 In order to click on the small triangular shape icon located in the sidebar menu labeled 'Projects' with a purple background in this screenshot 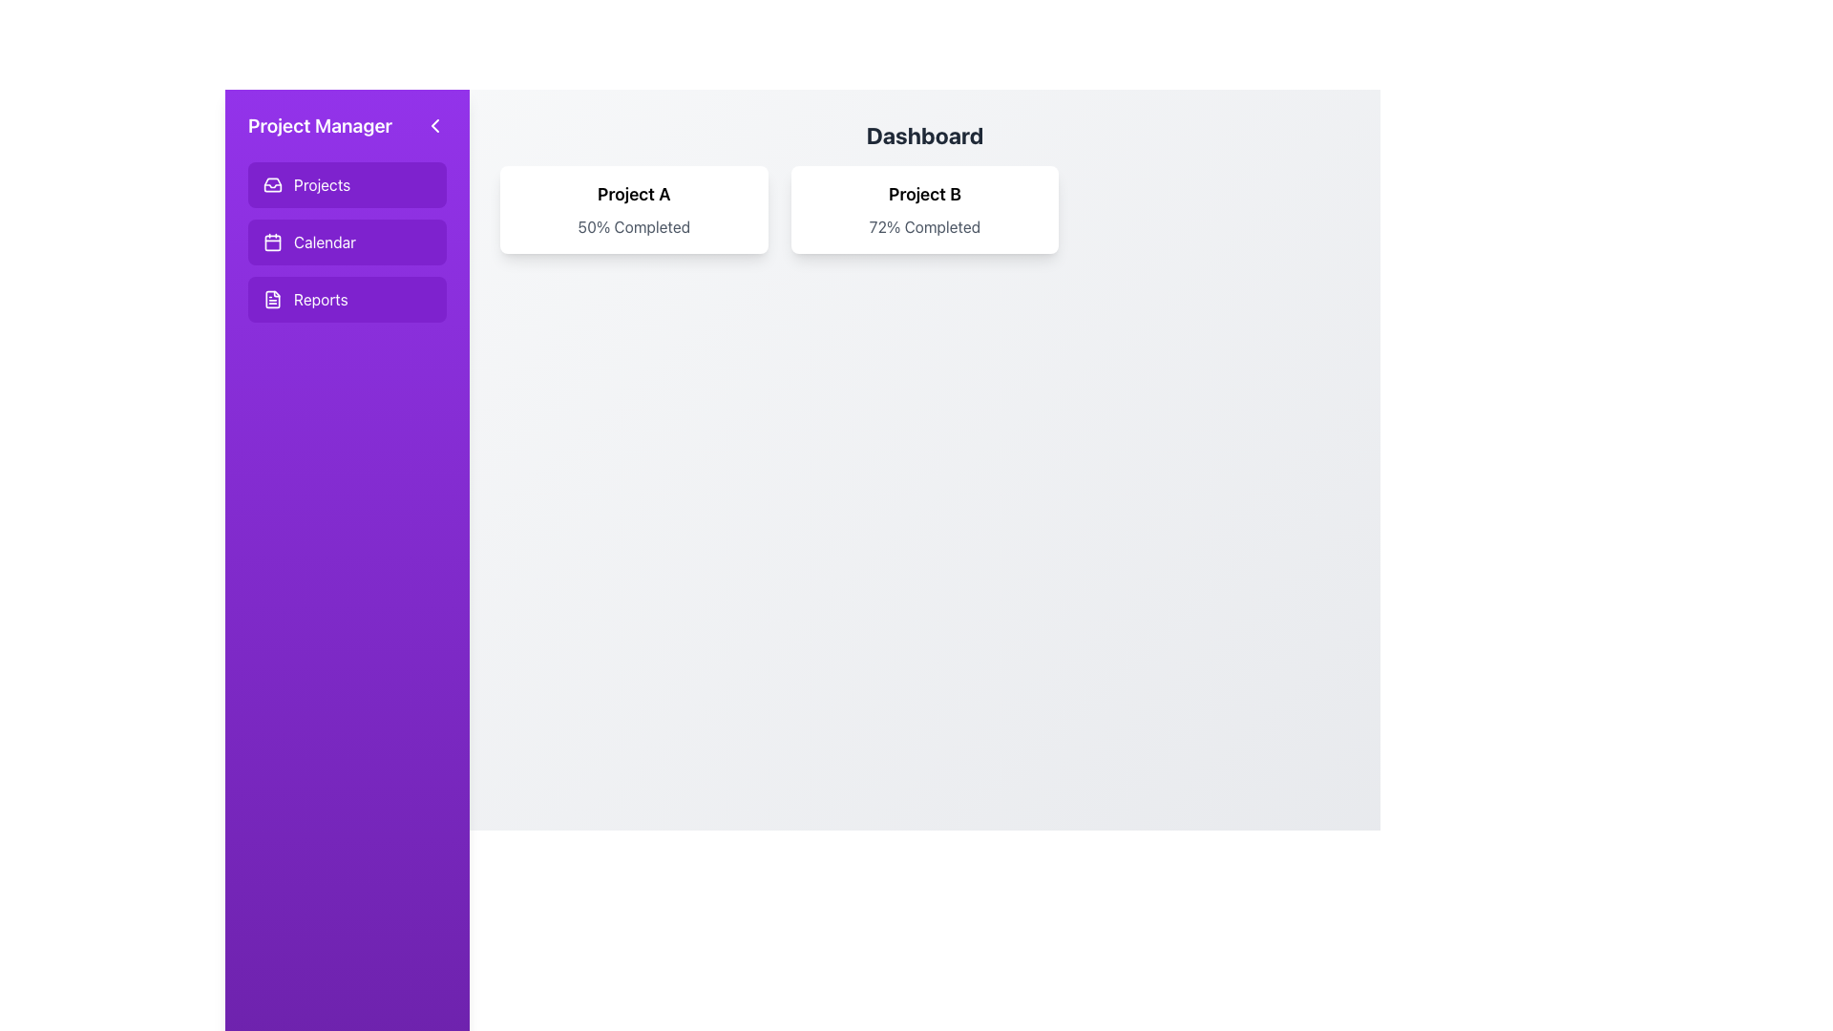, I will do `click(272, 186)`.